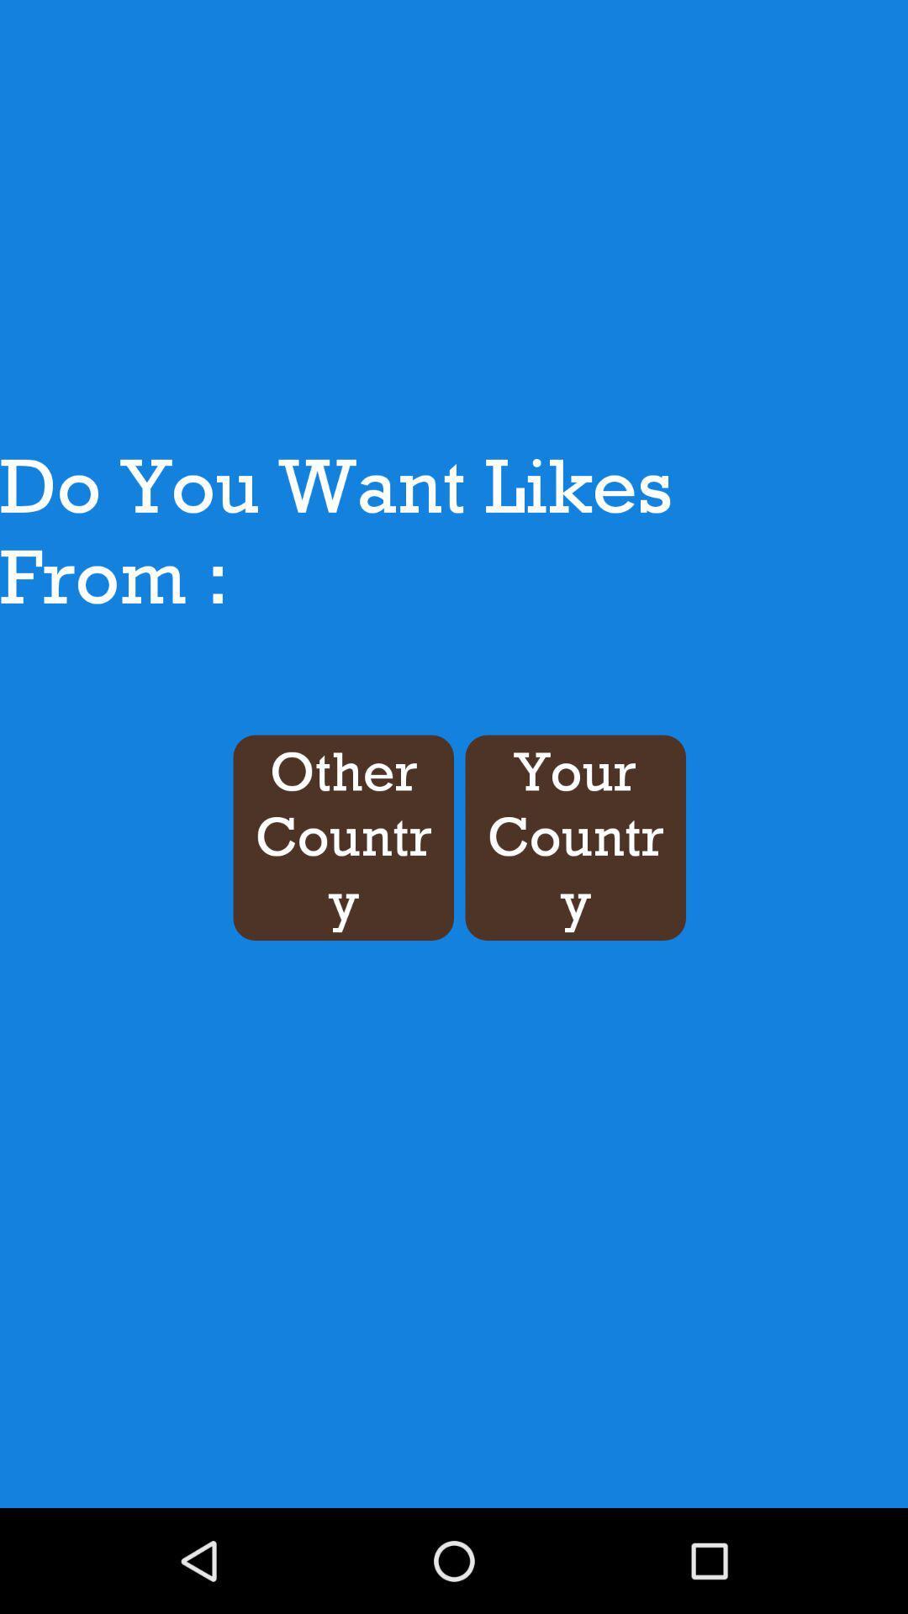 This screenshot has width=908, height=1614. I want to click on icon to the right of other country icon, so click(574, 837).